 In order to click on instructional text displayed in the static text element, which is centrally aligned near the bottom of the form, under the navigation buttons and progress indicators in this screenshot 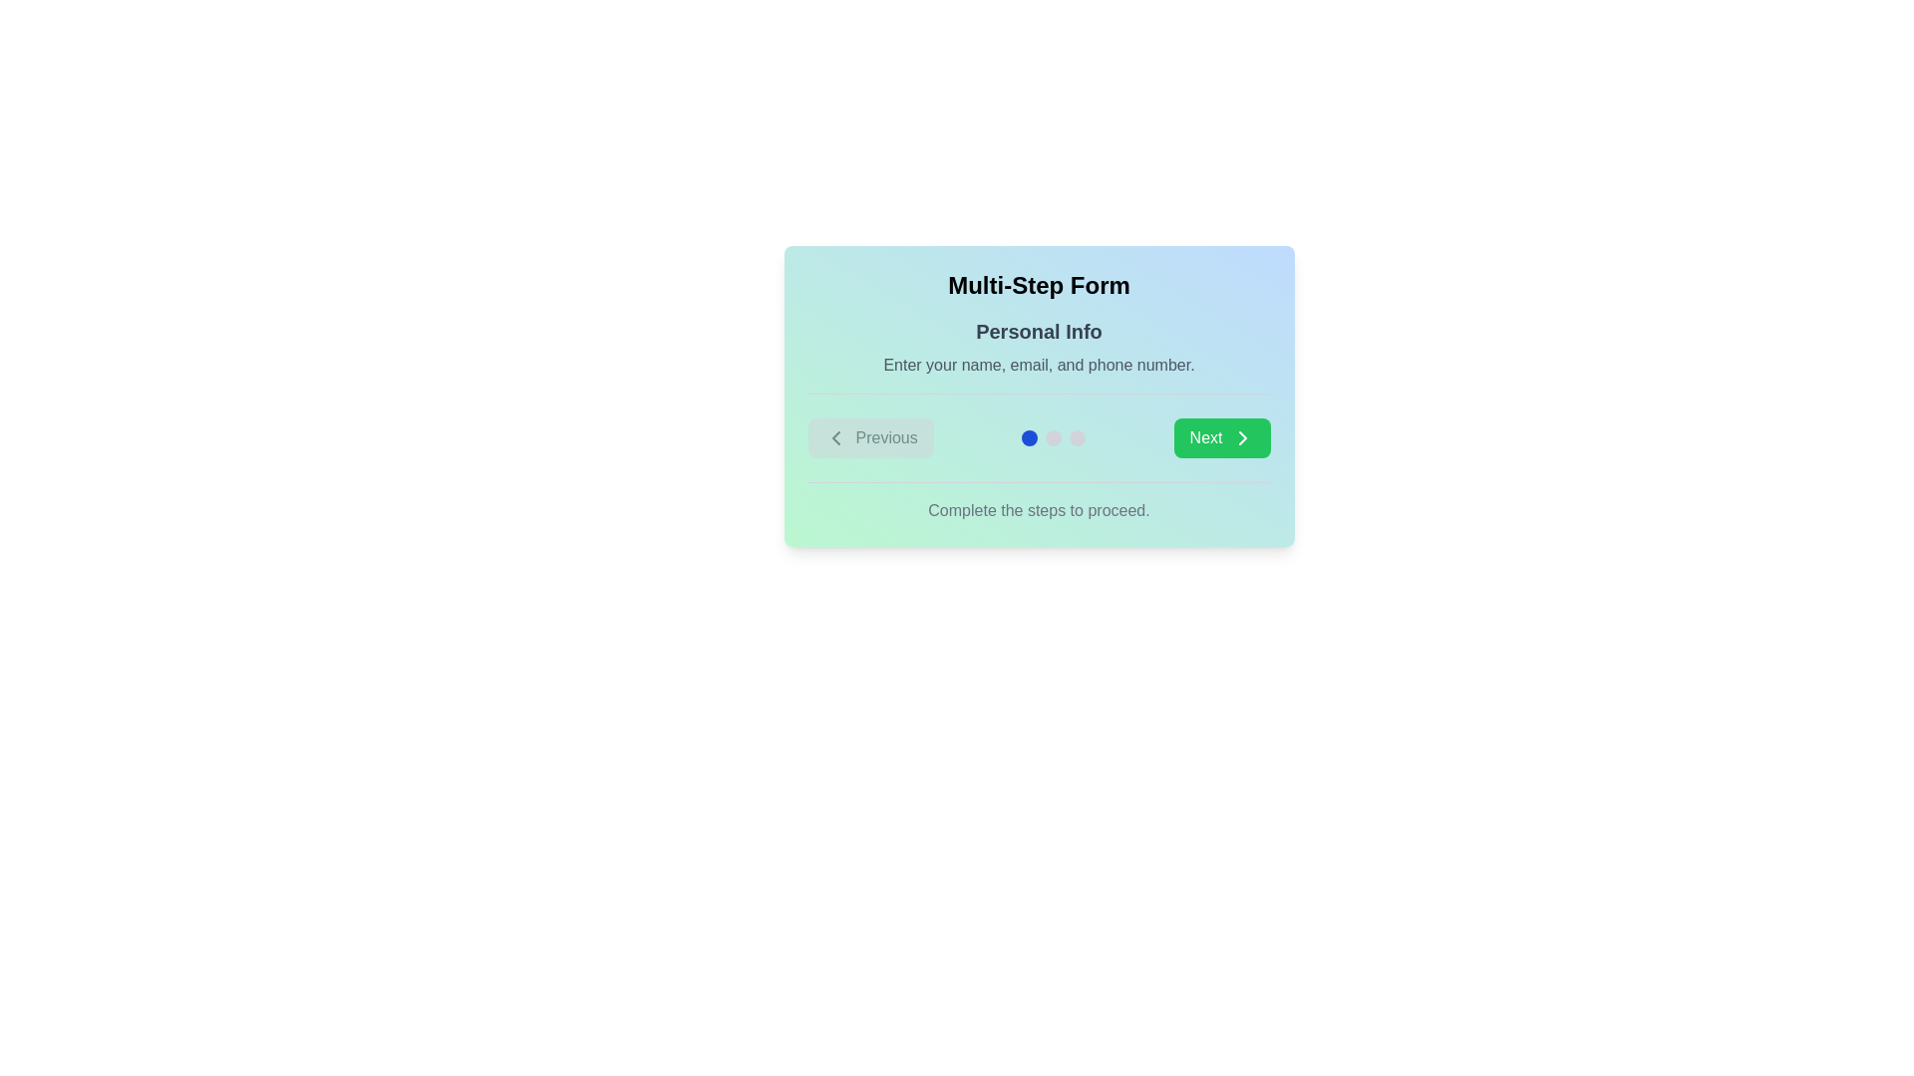, I will do `click(1038, 510)`.